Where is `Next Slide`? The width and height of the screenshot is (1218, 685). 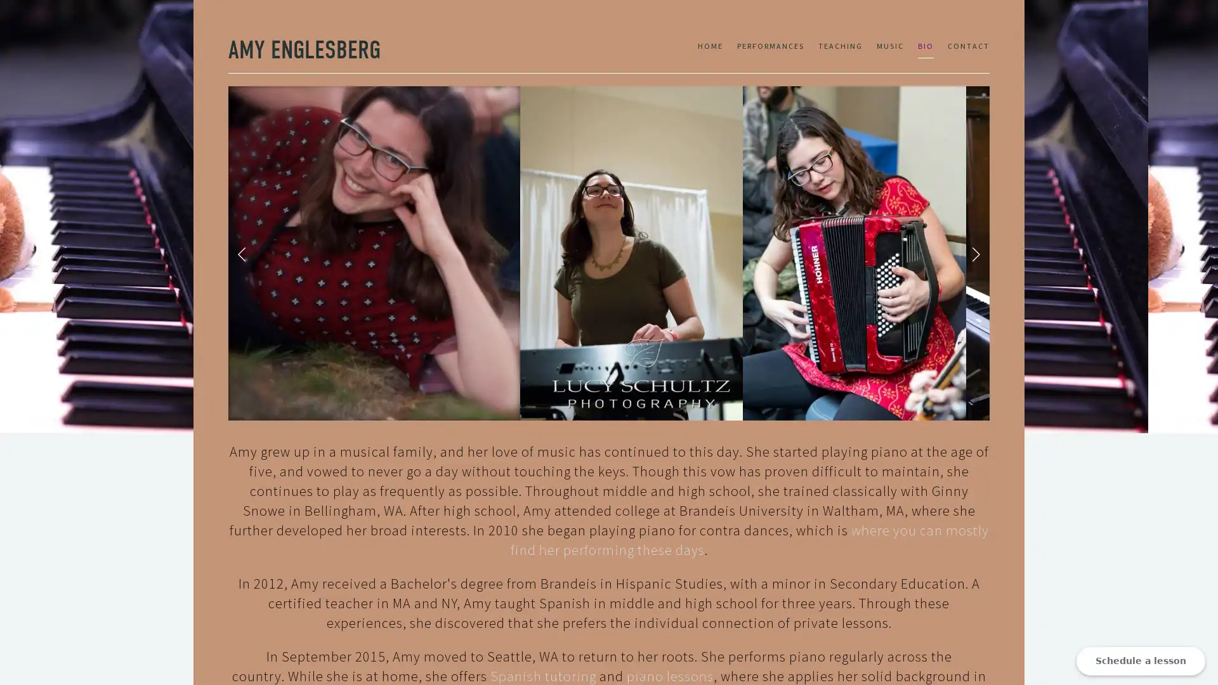 Next Slide is located at coordinates (974, 252).